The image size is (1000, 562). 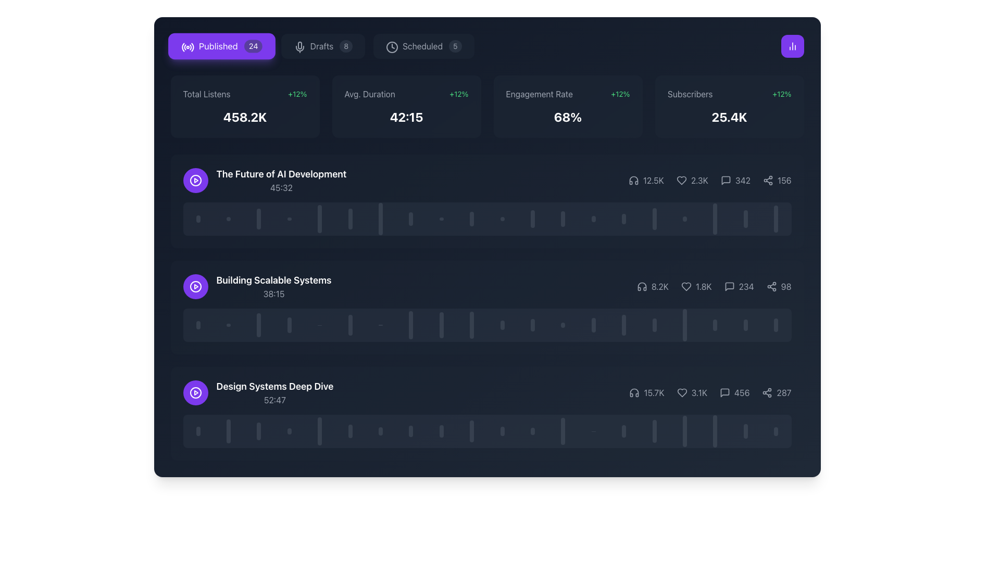 I want to click on the text label displaying '1.8K', which is positioned to the right of the heart icon in the second content row for 'Building Scalable Systems', so click(x=704, y=287).